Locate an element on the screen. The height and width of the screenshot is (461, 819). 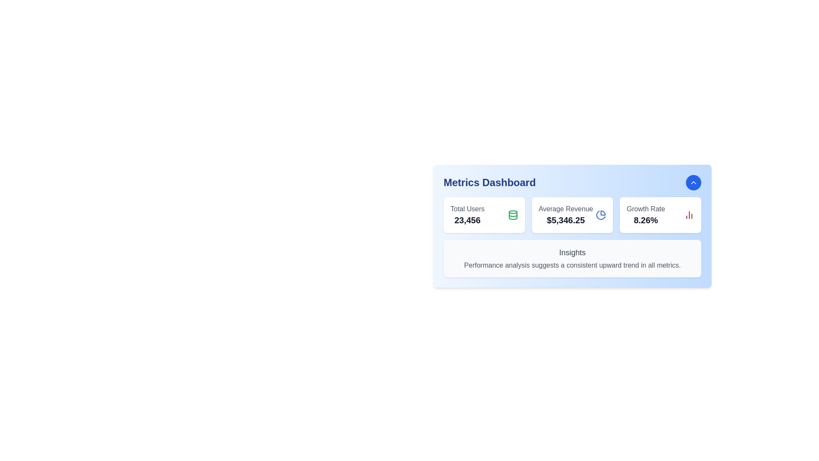
the Static Value Display element that shows the current growth rate metric of '8.26%' on the Metrics Dashboard, located in the bottom-right section of the interface is located at coordinates (646, 215).